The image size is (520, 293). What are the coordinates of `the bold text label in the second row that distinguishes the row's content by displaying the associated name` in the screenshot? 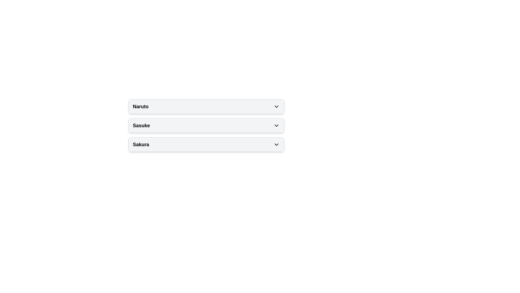 It's located at (141, 125).